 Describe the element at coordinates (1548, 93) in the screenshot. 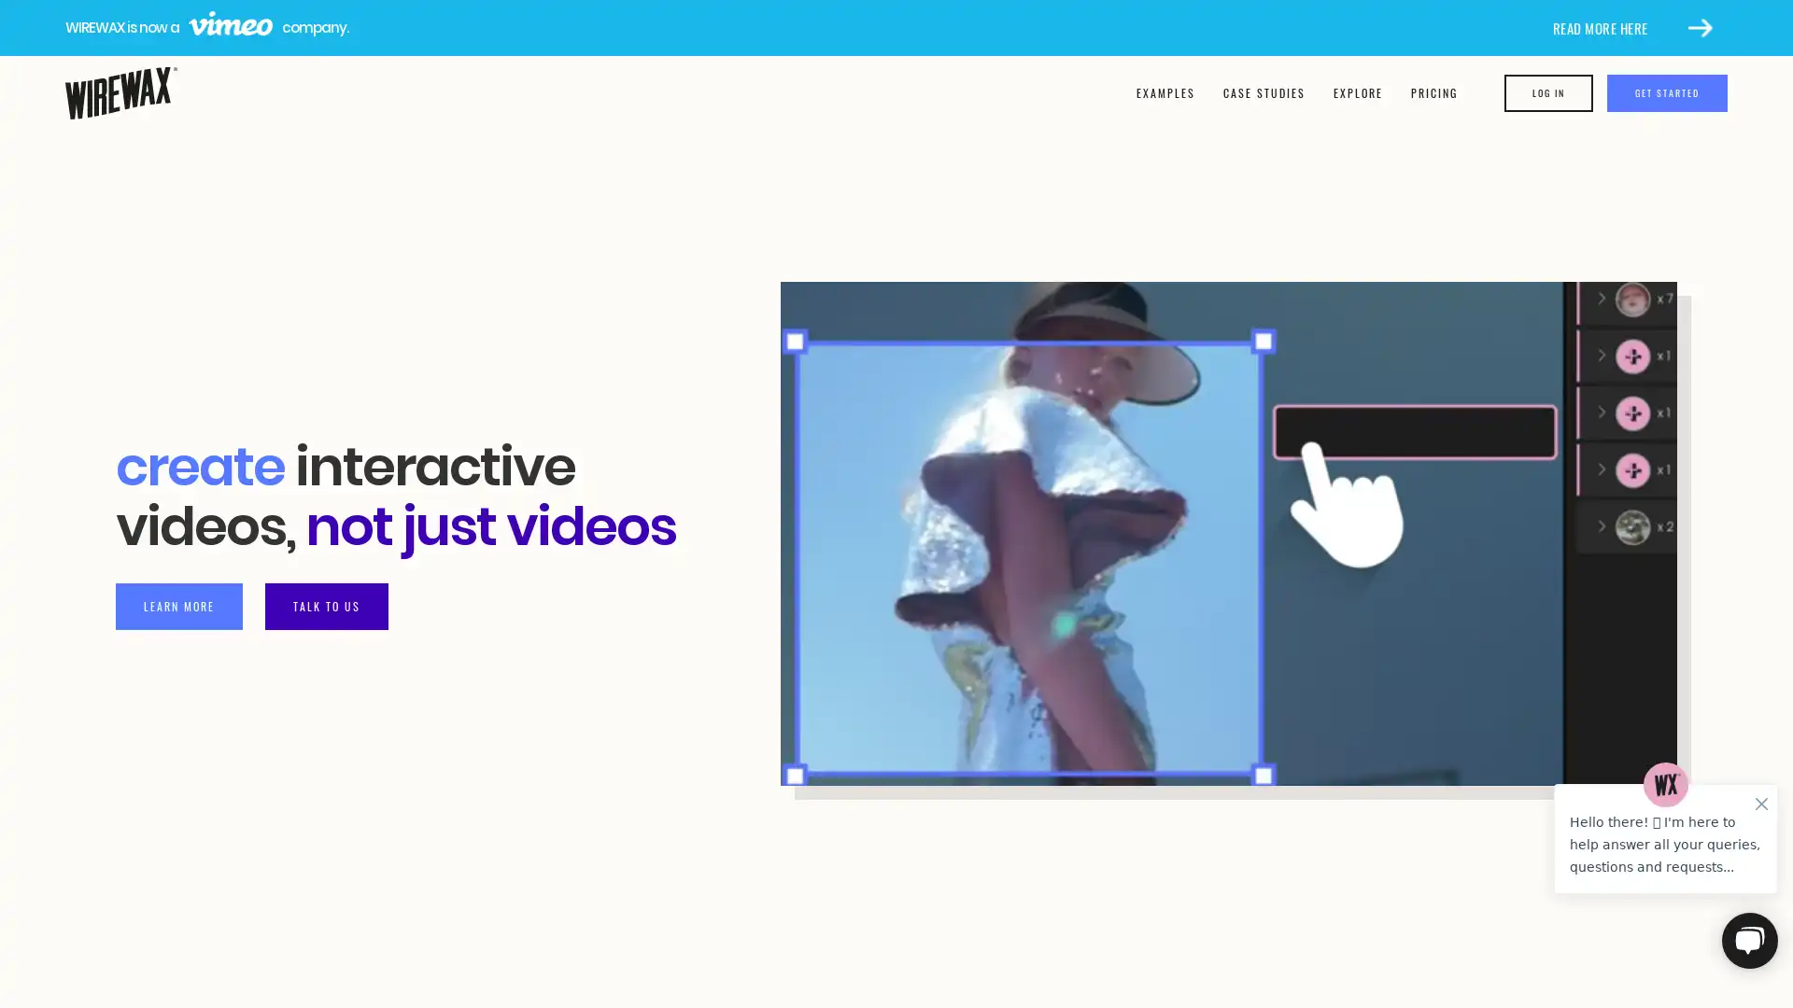

I see `LOG IN` at that location.